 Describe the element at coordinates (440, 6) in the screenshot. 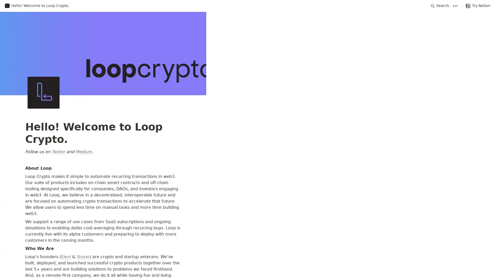

I see `Search` at that location.